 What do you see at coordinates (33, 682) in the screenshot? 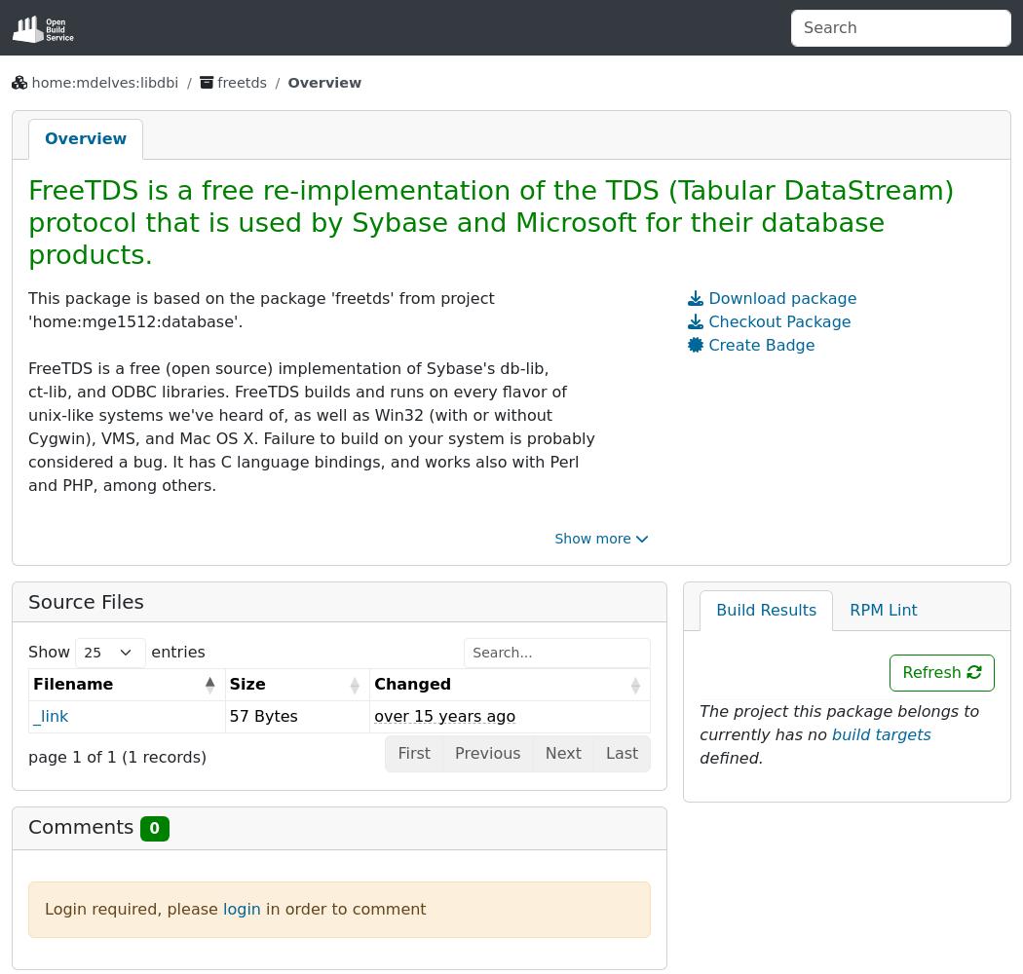
I see `'Filename'` at bounding box center [33, 682].